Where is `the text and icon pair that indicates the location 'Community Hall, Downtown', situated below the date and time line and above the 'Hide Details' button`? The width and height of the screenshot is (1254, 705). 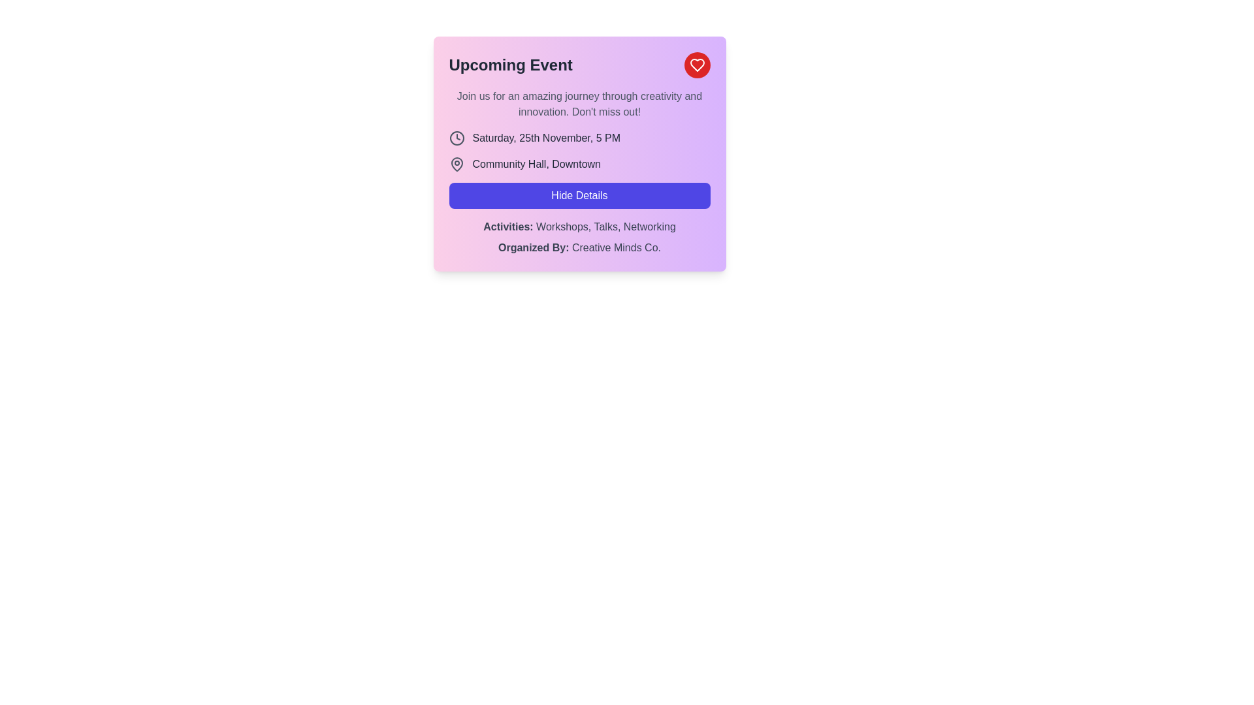 the text and icon pair that indicates the location 'Community Hall, Downtown', situated below the date and time line and above the 'Hide Details' button is located at coordinates (579, 163).